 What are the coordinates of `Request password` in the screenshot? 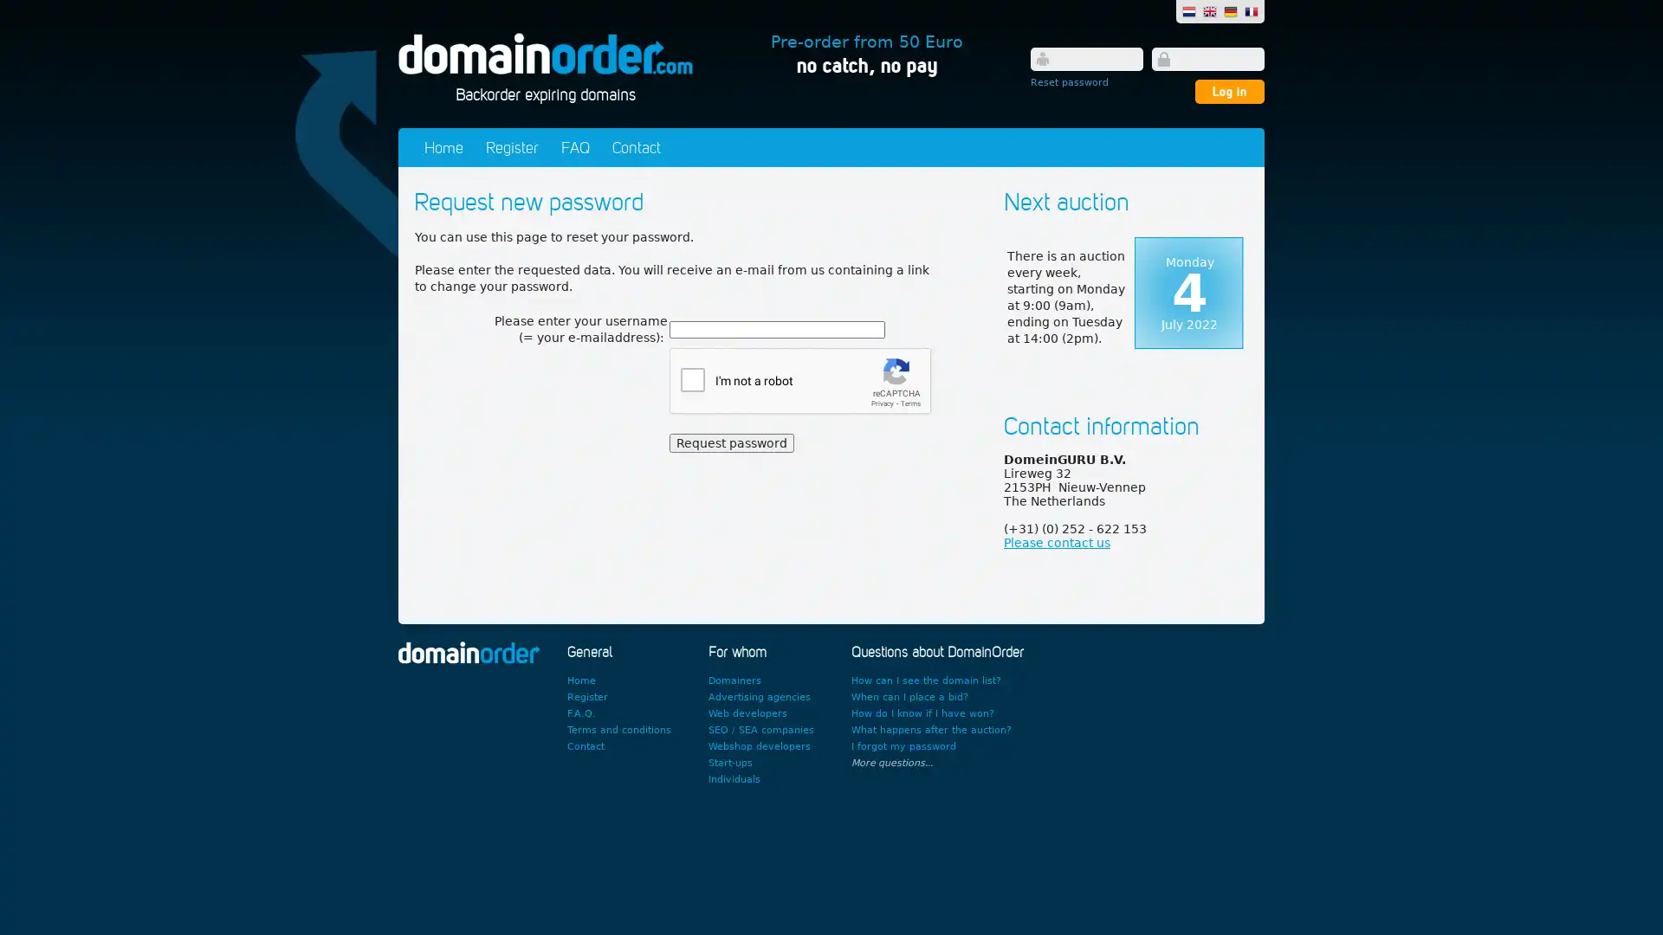 It's located at (731, 442).